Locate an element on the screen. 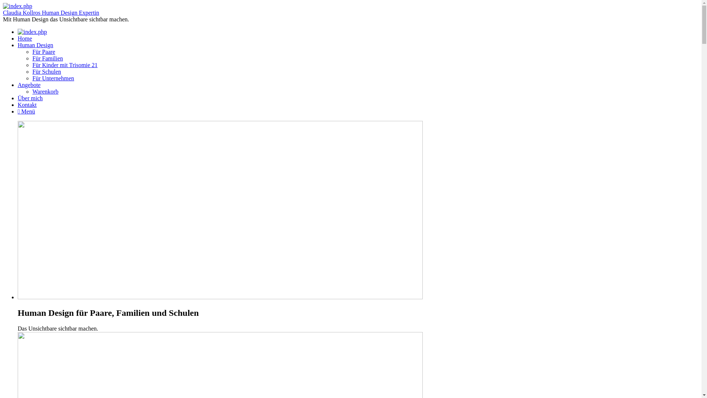  'Angebote' is located at coordinates (29, 84).